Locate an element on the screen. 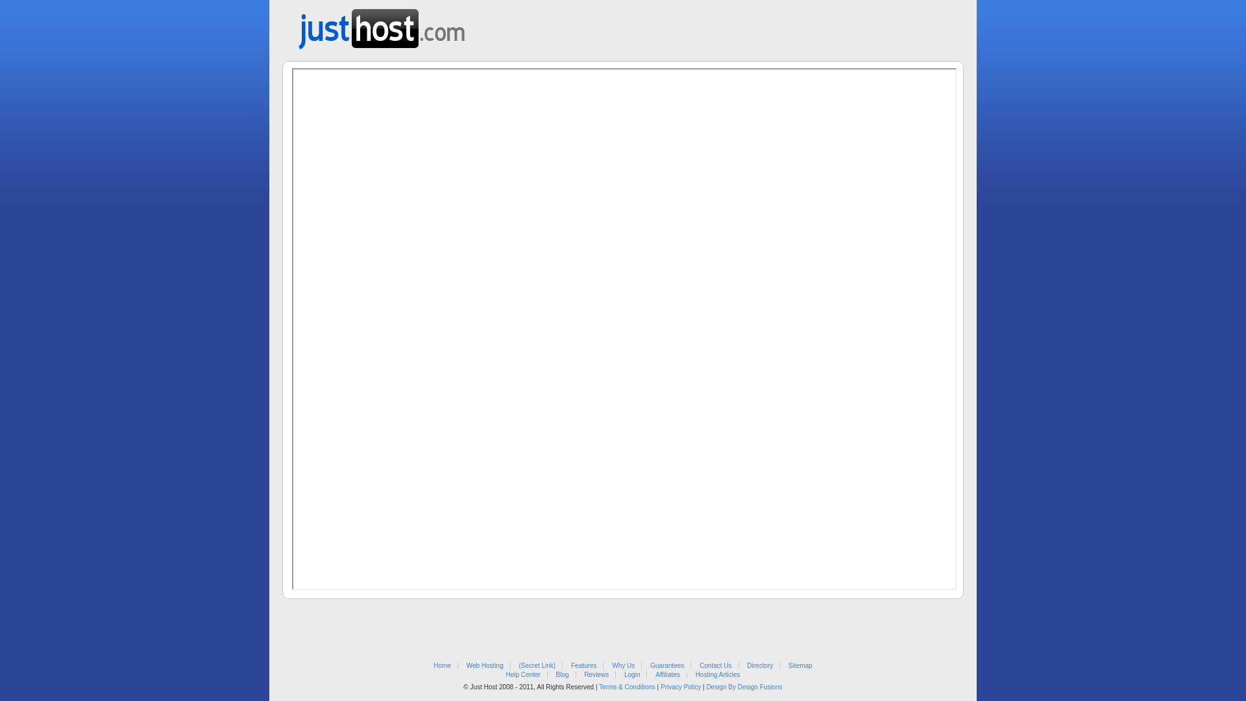  'Hosting Articles' is located at coordinates (694, 674).